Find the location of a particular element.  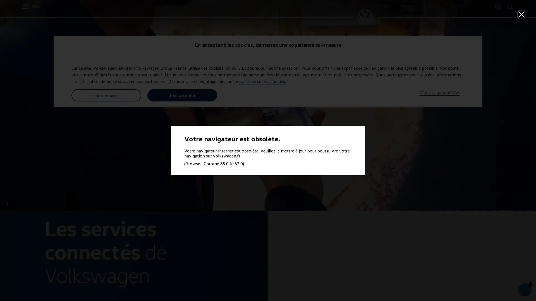

Choose File is located at coordinates (502, 283).